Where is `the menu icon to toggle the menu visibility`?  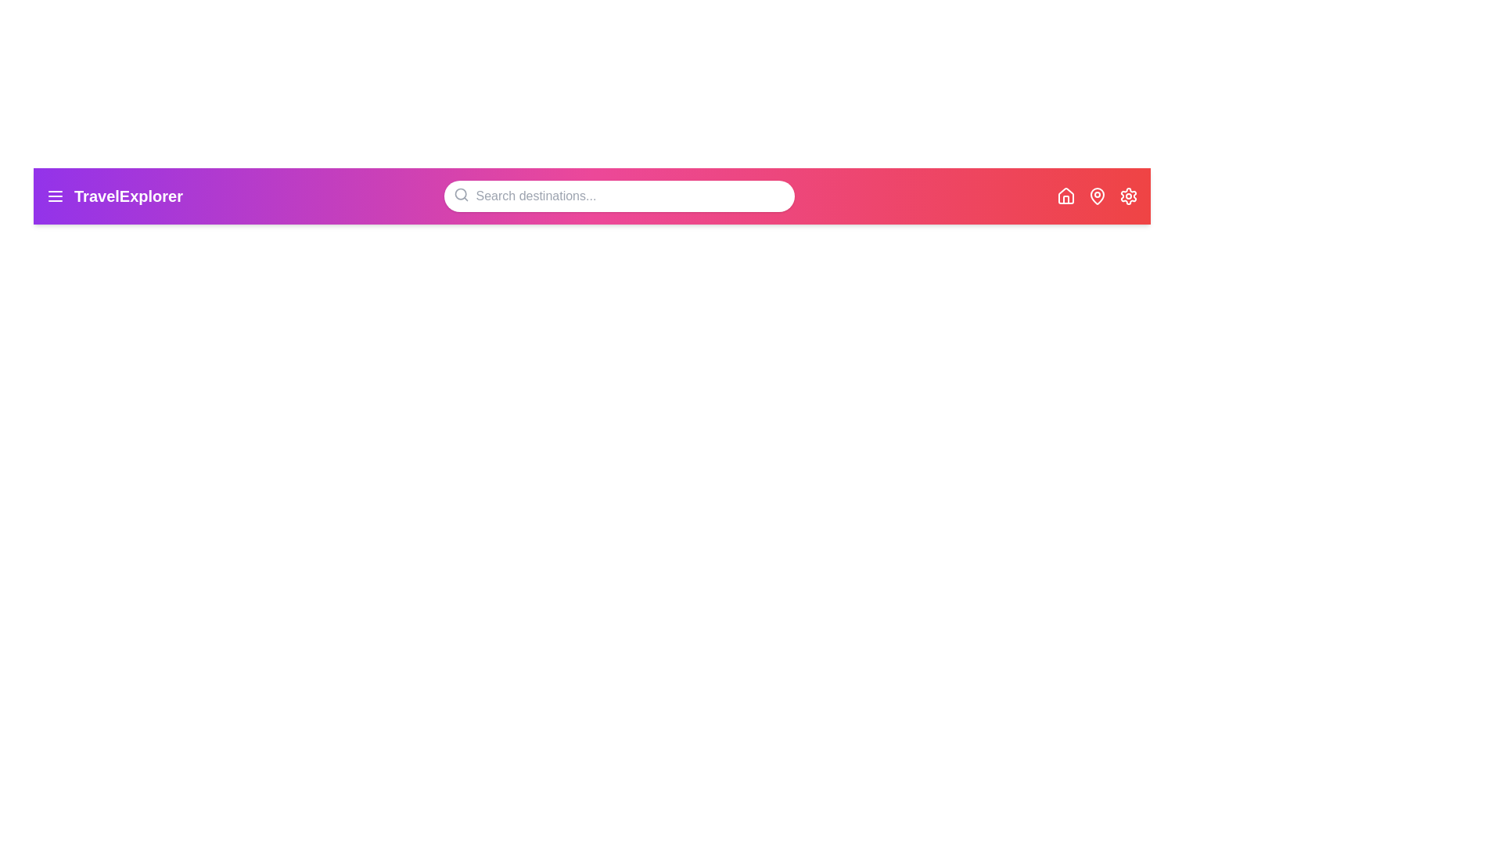
the menu icon to toggle the menu visibility is located at coordinates (56, 195).